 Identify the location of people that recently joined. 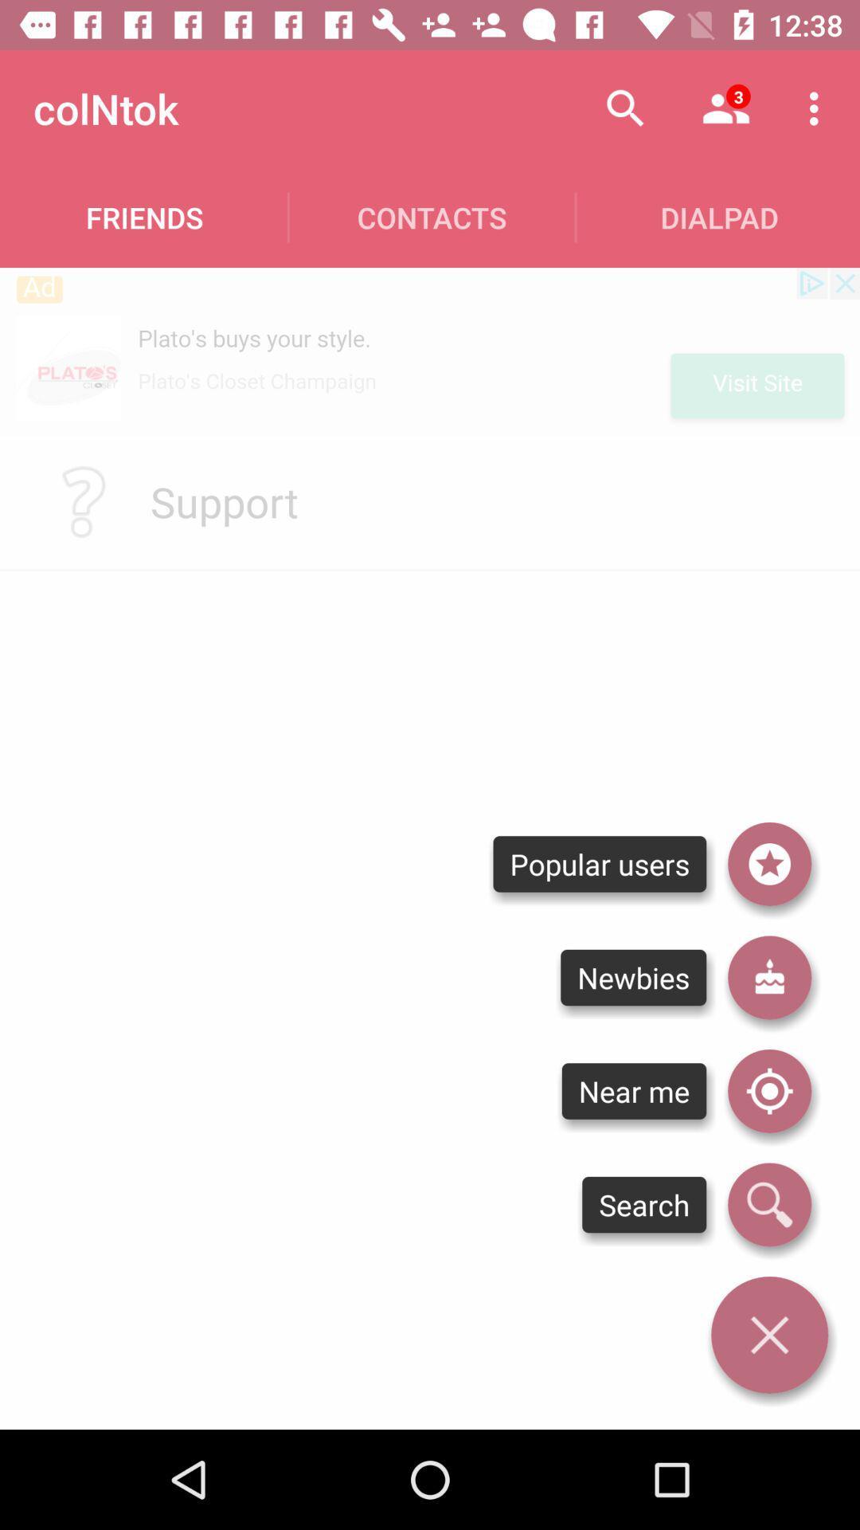
(768, 977).